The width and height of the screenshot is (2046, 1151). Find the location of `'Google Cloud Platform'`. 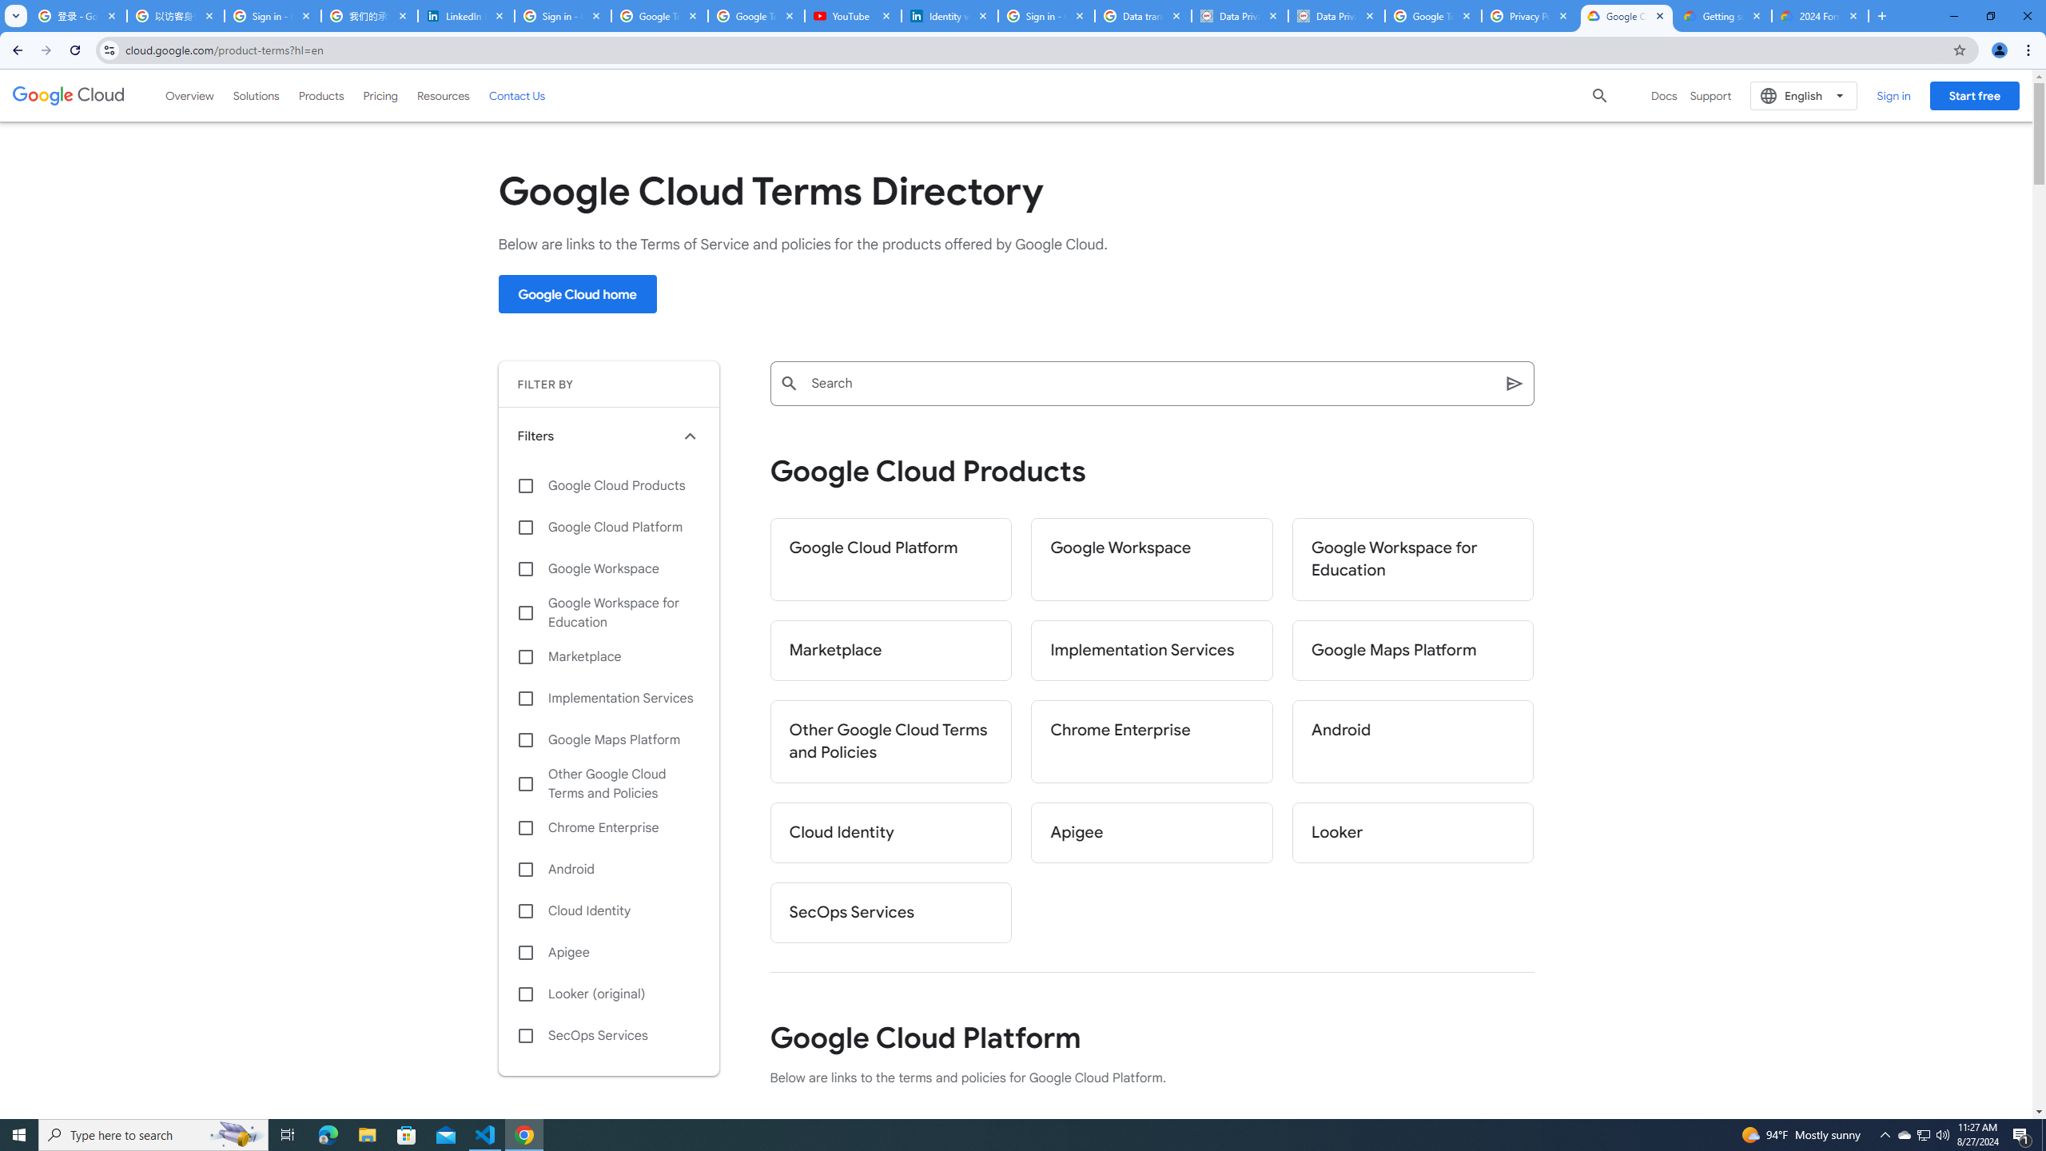

'Google Cloud Platform' is located at coordinates (890, 558).